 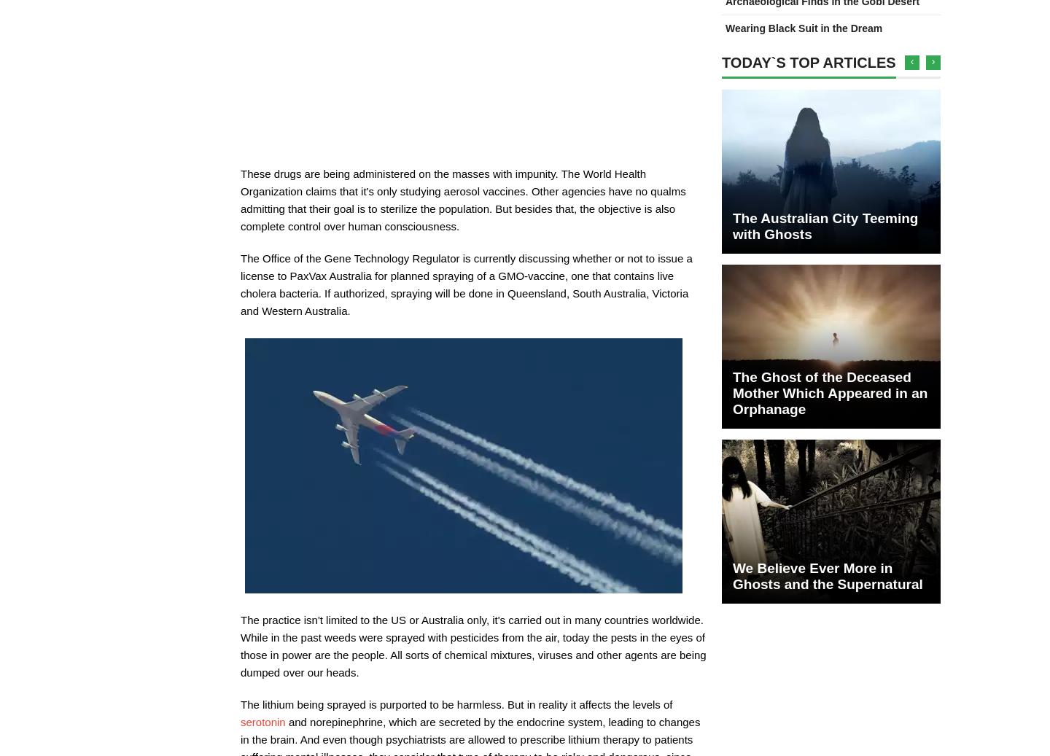 I want to click on 'The Australian City Teeming with Ghosts', so click(x=824, y=225).